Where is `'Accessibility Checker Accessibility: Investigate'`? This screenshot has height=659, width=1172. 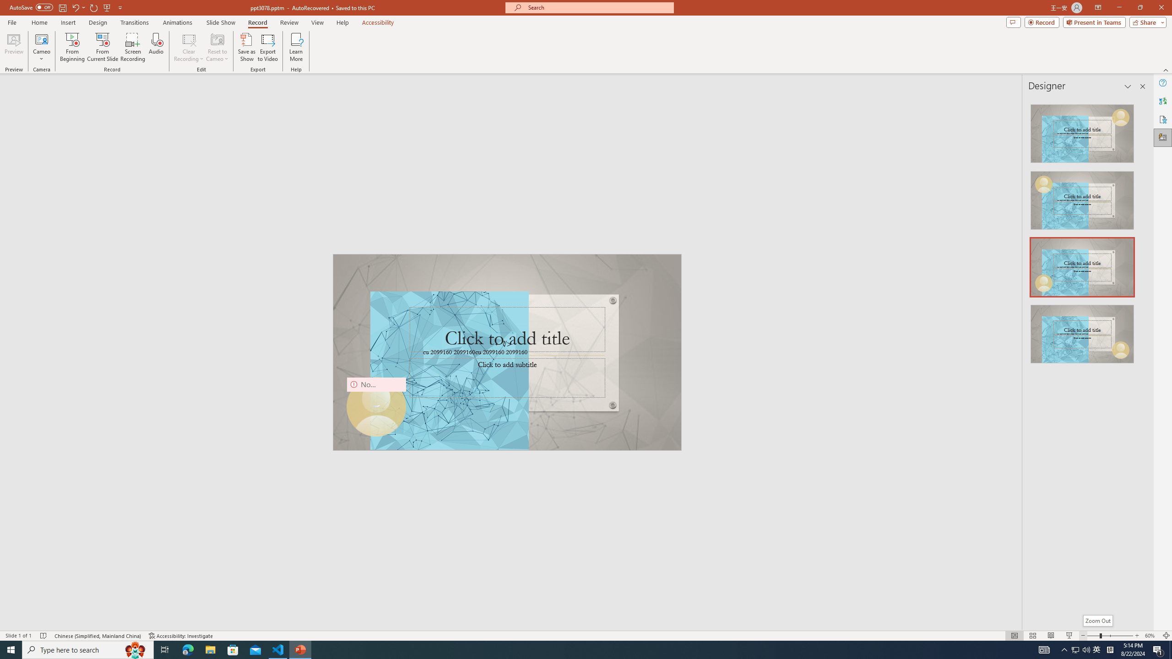
'Accessibility Checker Accessibility: Investigate' is located at coordinates (181, 636).